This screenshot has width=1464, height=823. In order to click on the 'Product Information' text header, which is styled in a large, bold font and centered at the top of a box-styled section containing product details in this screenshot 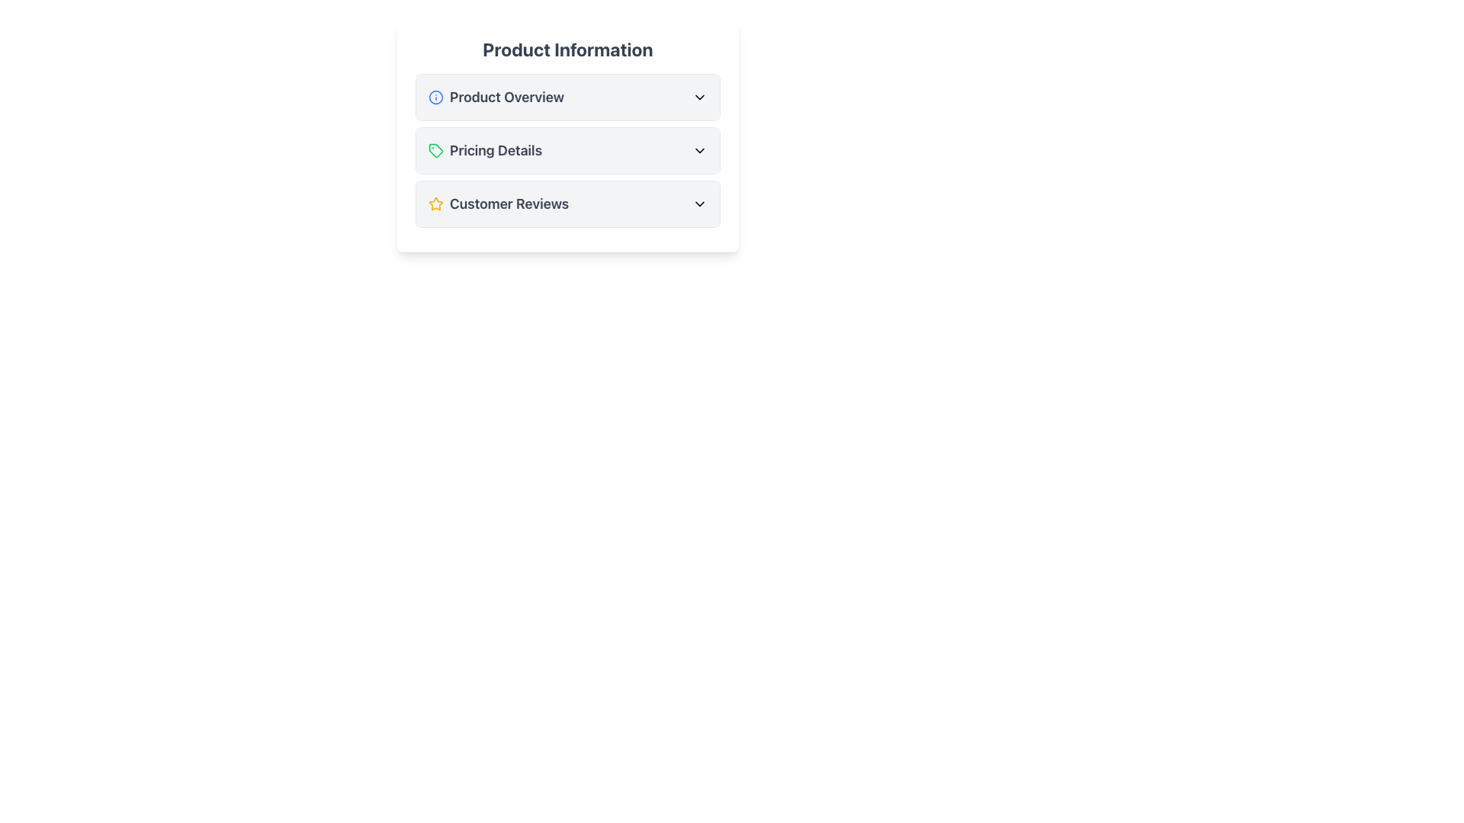, I will do `click(567, 49)`.